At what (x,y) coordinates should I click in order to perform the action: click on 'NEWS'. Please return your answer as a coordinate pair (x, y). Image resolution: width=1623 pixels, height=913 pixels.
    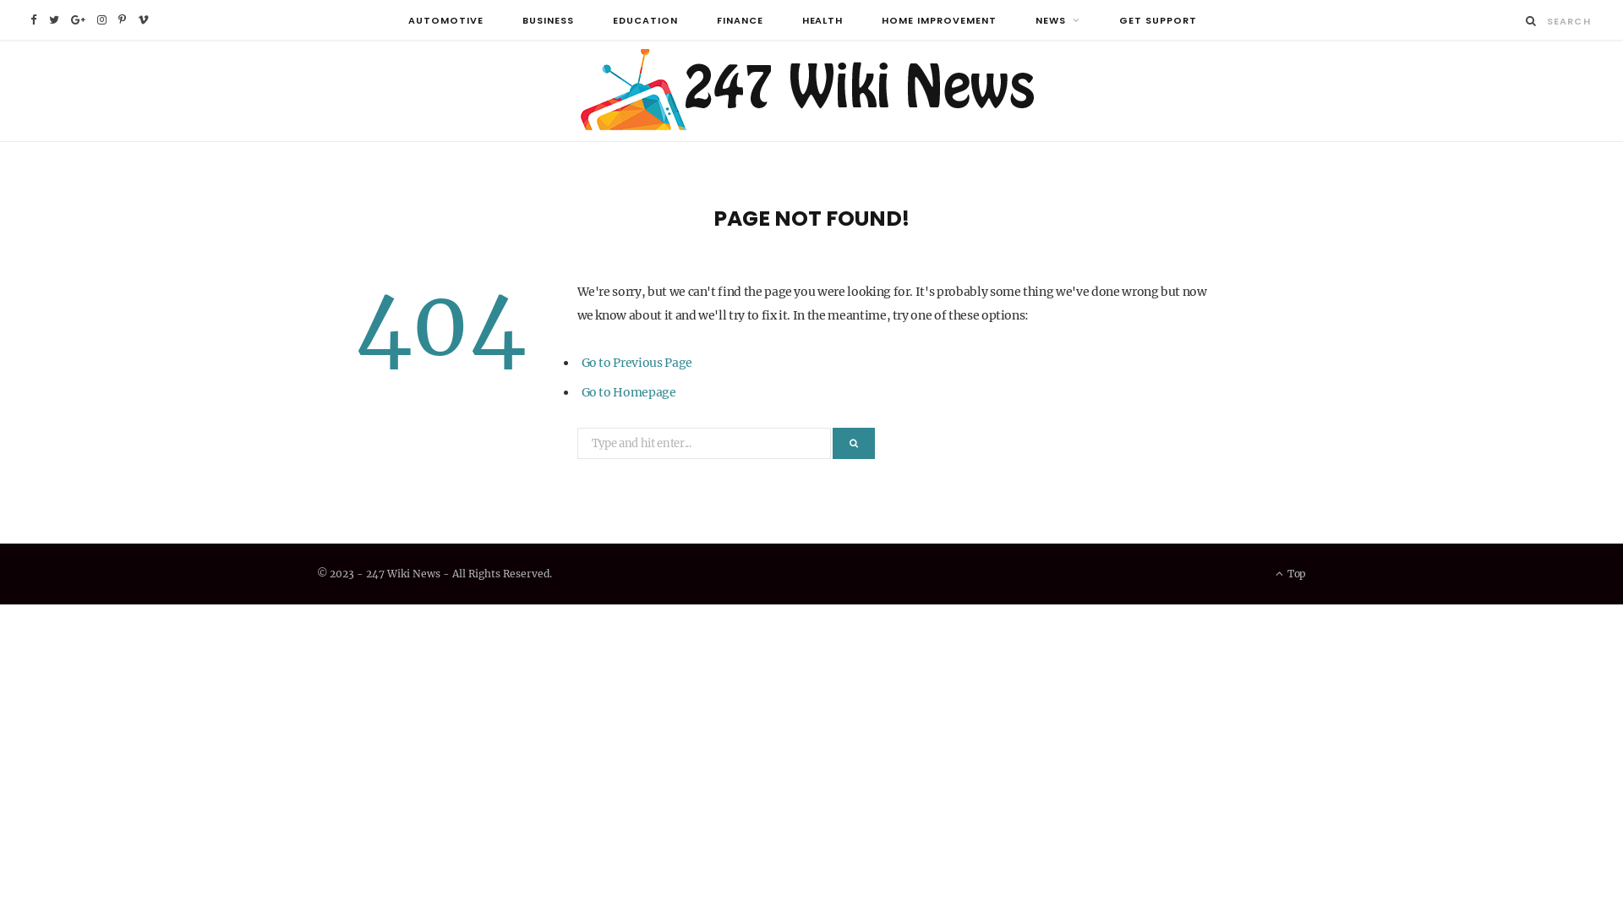
    Looking at the image, I should click on (1057, 19).